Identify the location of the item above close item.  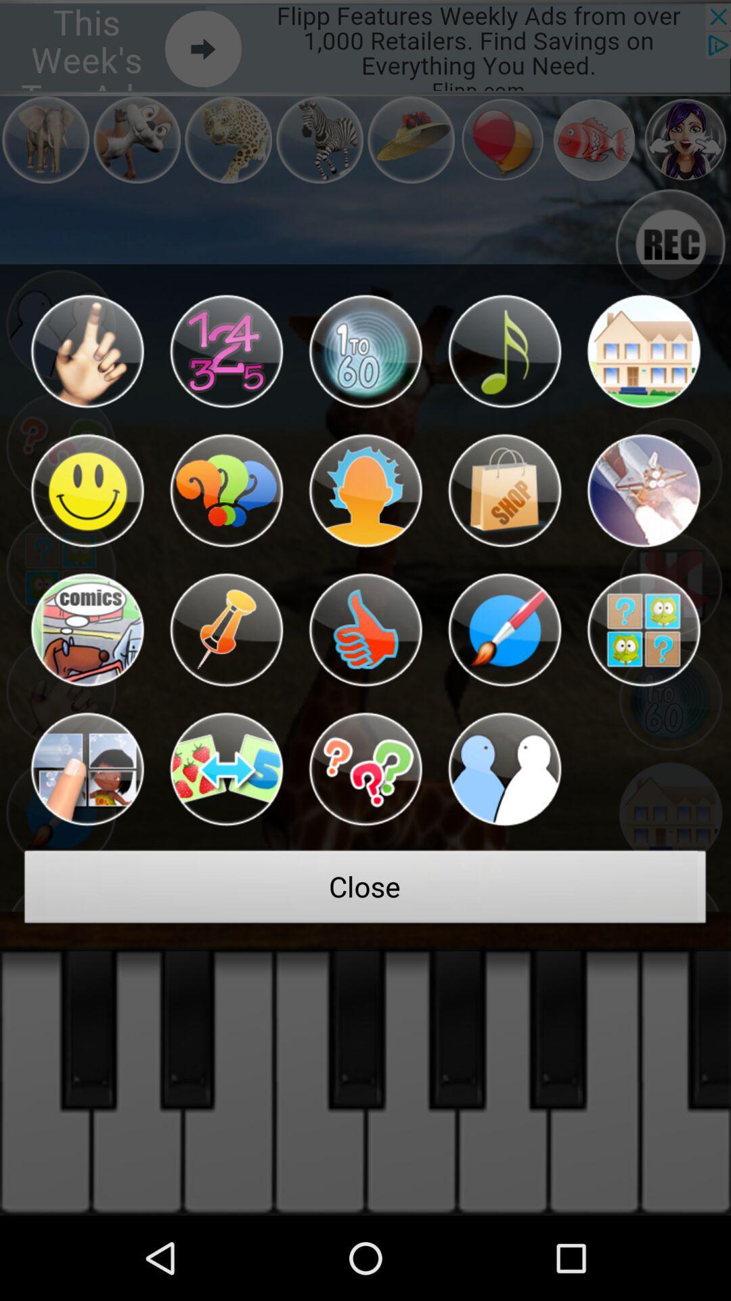
(225, 769).